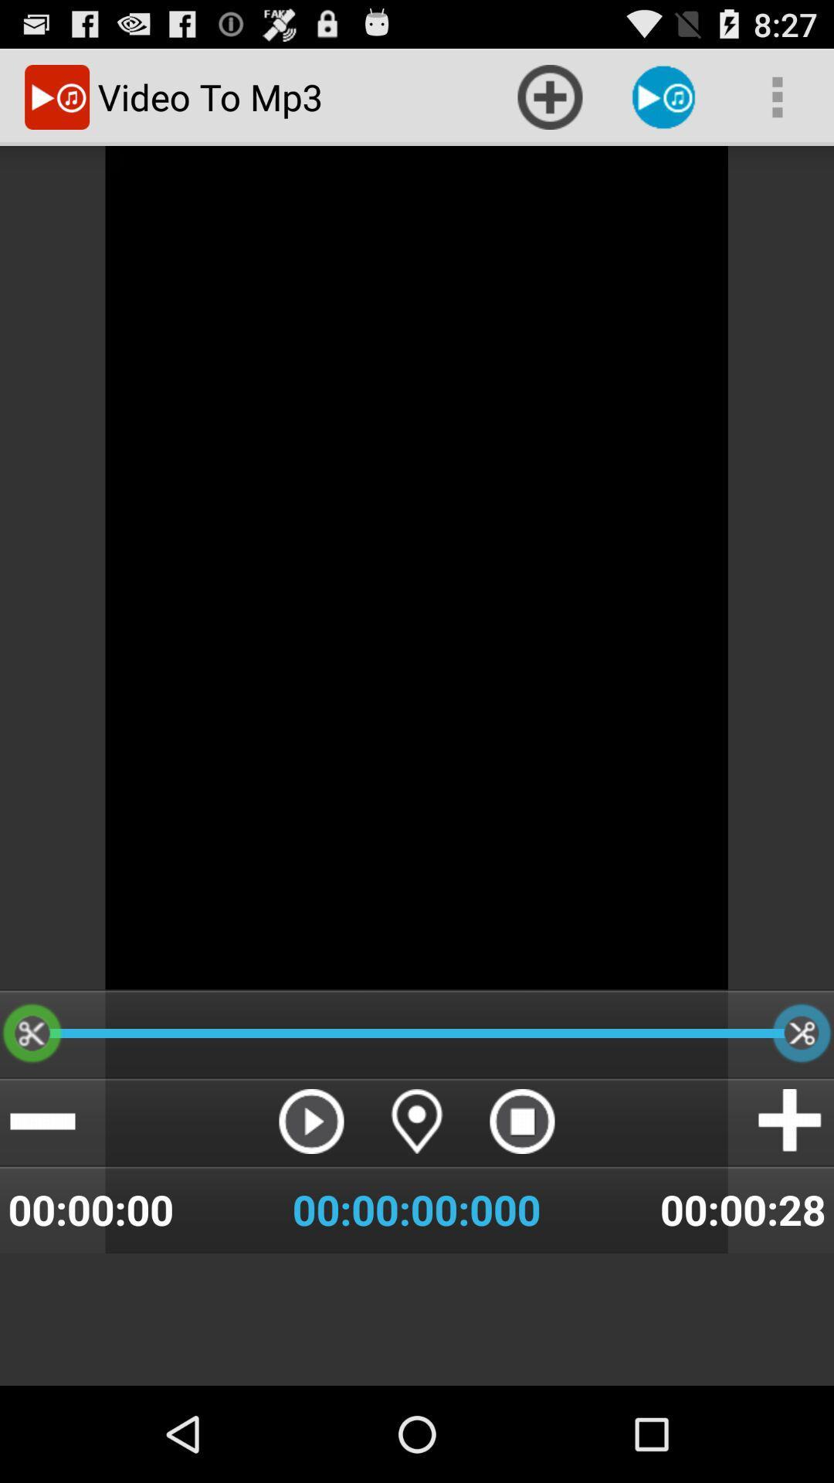 This screenshot has width=834, height=1483. I want to click on the item above the 00:00:28 app, so click(791, 1121).